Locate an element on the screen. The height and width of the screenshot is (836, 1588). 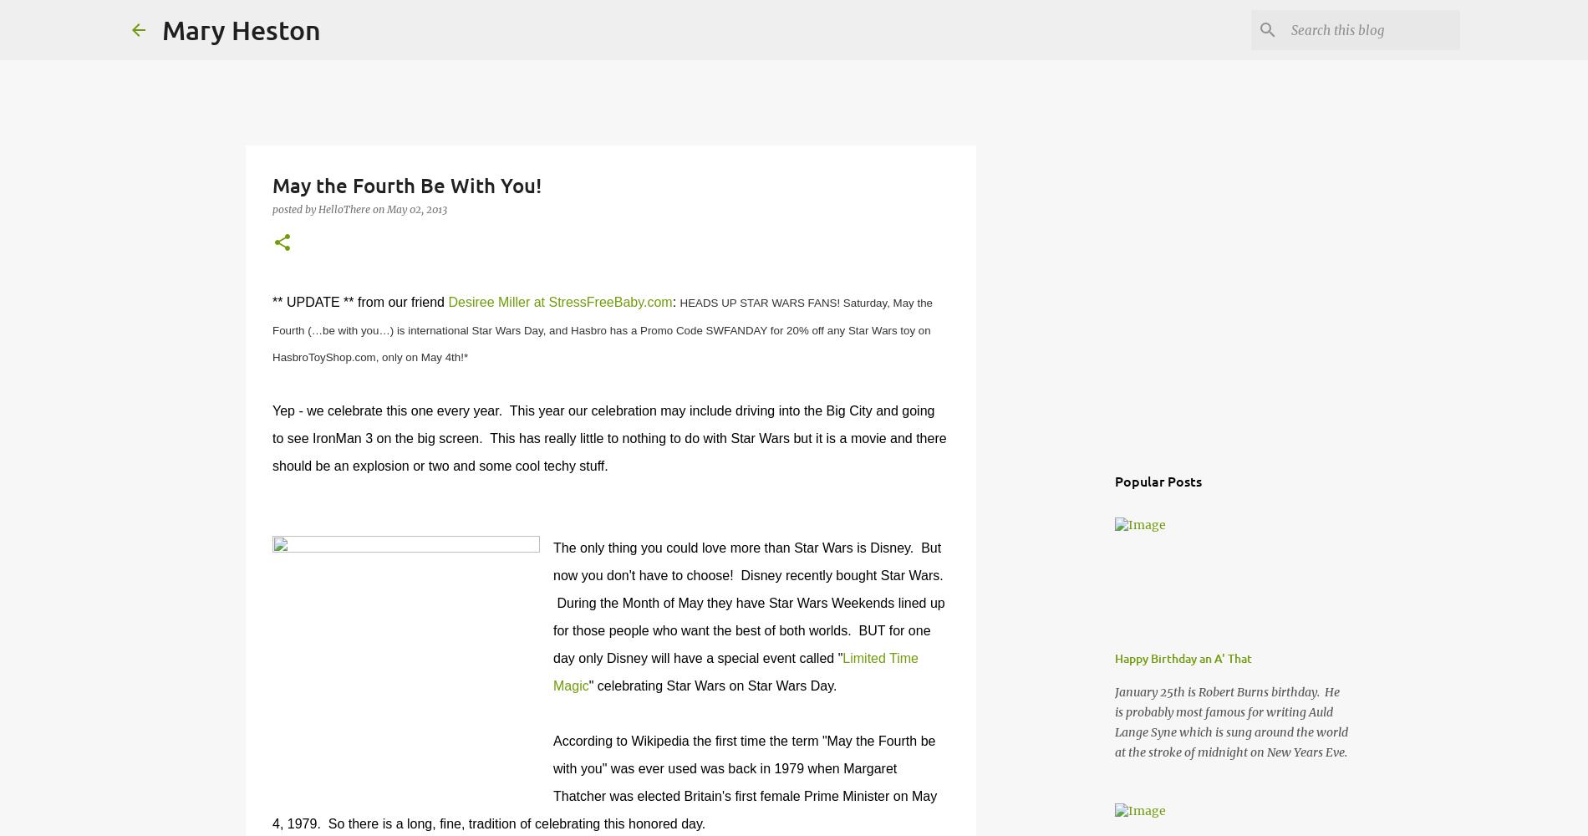
'HEADS UP STAR WARS FANS! Saturday, May the Fourth (…be with you…) is international Star Wars Day, and Hasbro has a Promo Code SWFANDAY for 20% off any Star Wars toy on HasbroToyShop.com, only on May 4th!*' is located at coordinates (602, 330).